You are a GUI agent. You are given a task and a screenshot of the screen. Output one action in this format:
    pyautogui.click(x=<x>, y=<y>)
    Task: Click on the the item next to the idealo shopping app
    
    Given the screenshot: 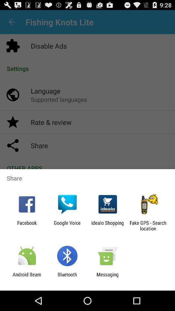 What is the action you would take?
    pyautogui.click(x=67, y=225)
    